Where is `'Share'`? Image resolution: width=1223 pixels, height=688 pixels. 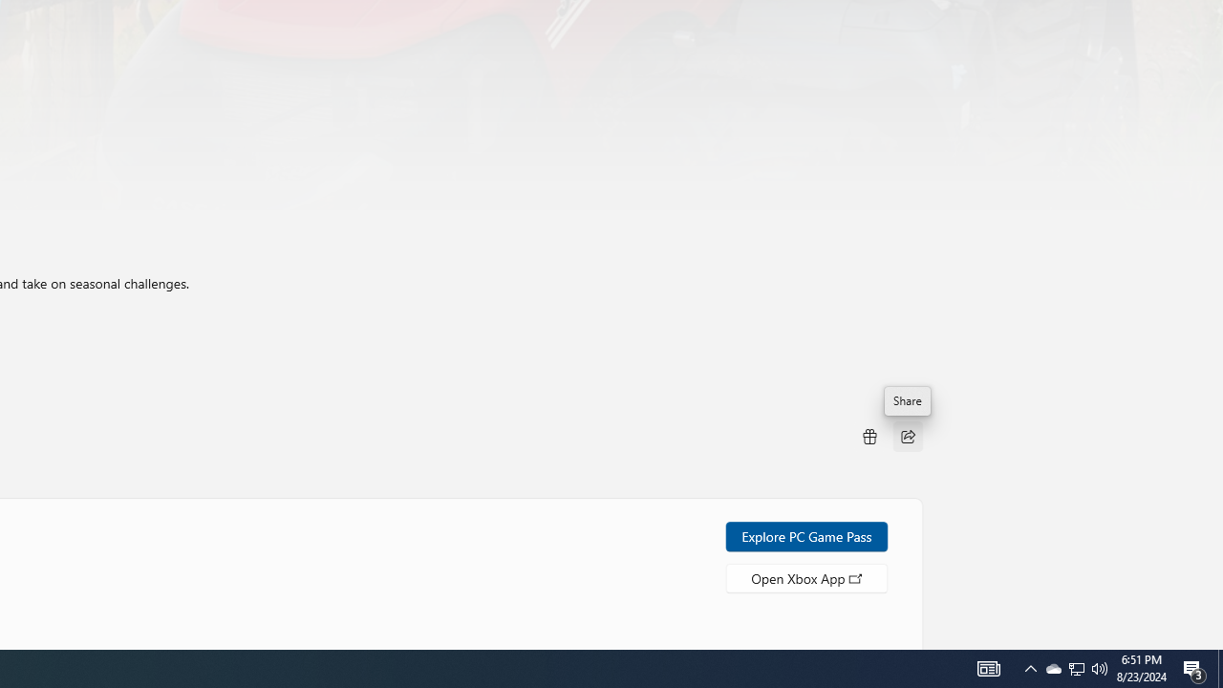 'Share' is located at coordinates (907, 436).